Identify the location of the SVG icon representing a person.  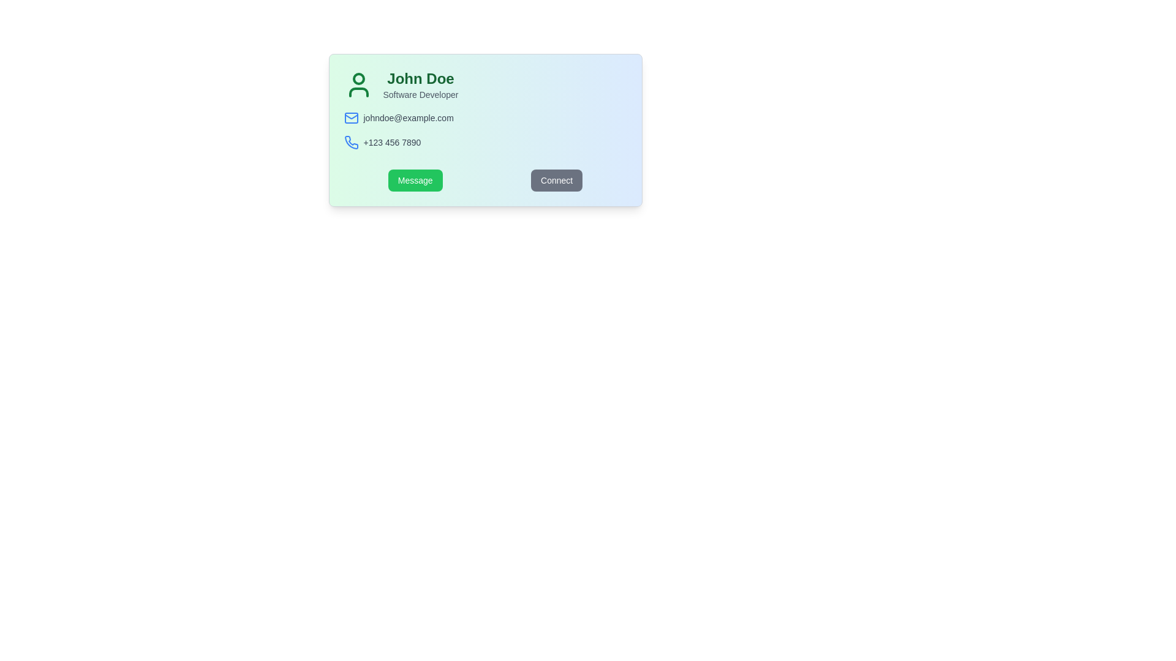
(358, 84).